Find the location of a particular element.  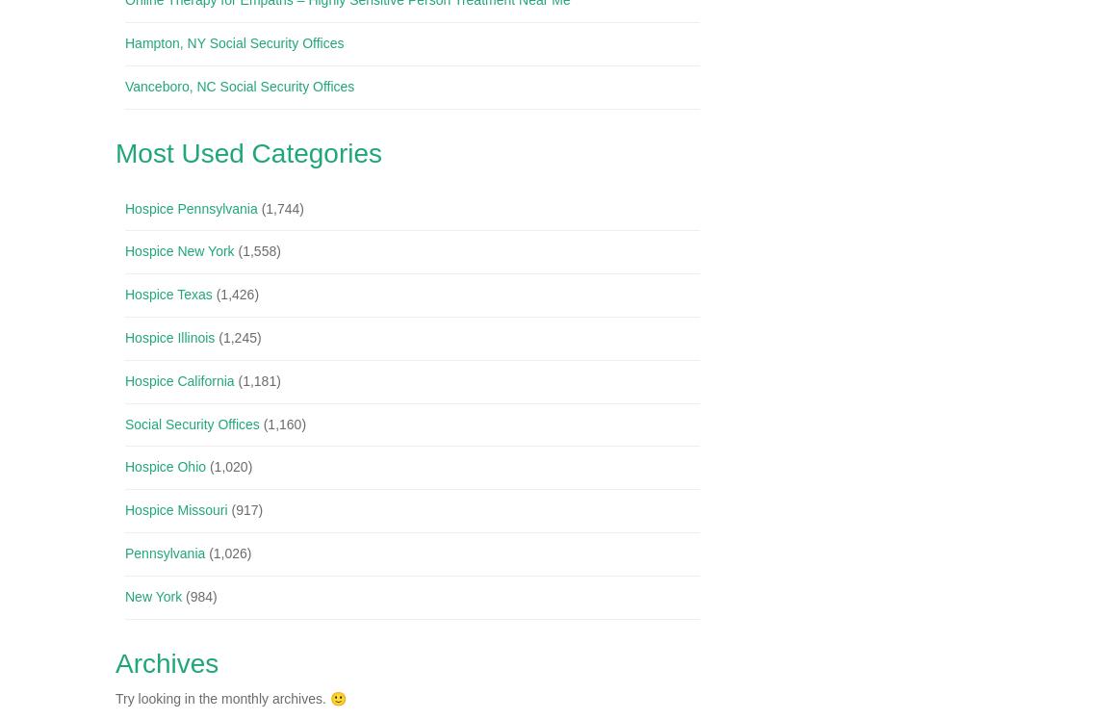

'Pennsylvania' is located at coordinates (164, 553).